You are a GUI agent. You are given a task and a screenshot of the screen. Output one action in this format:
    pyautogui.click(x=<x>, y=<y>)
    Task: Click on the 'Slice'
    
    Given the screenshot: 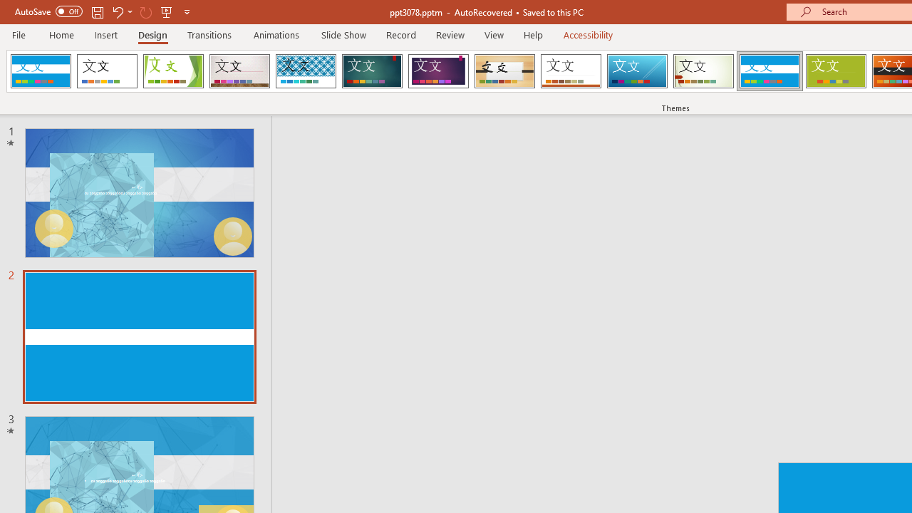 What is the action you would take?
    pyautogui.click(x=636, y=71)
    